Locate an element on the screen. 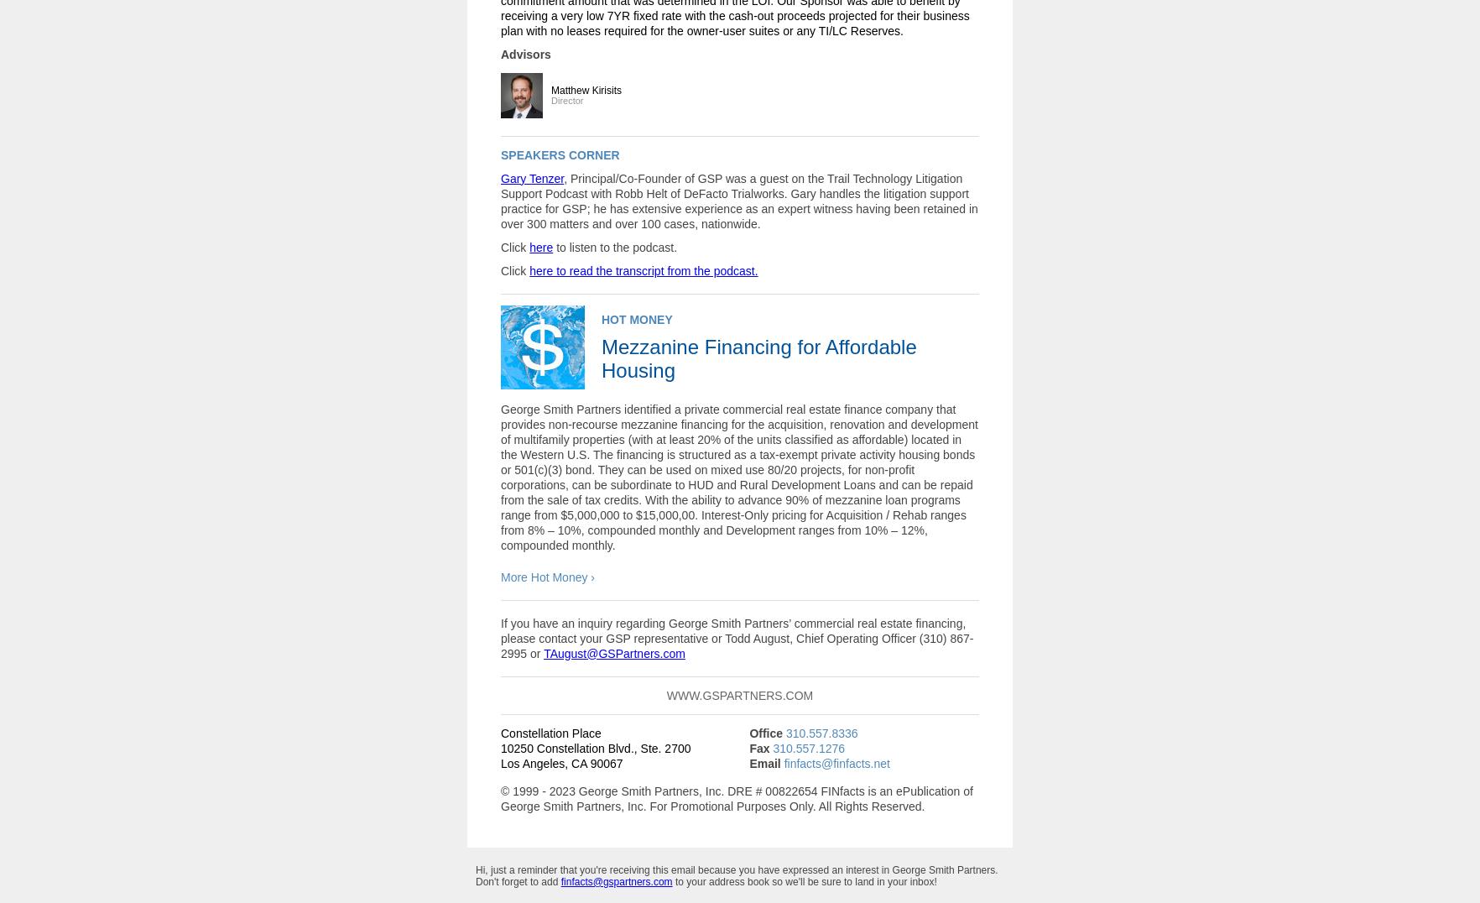 This screenshot has height=903, width=1480. 'Matthew Kirisits' is located at coordinates (586, 88).